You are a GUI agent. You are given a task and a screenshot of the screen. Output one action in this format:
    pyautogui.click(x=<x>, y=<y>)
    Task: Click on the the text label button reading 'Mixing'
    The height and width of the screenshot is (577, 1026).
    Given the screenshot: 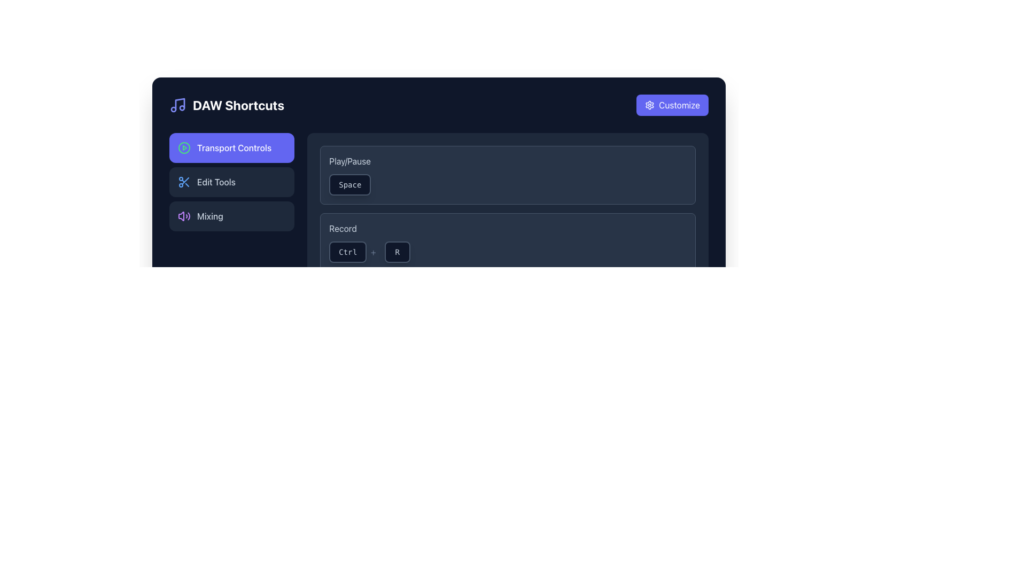 What is the action you would take?
    pyautogui.click(x=210, y=216)
    